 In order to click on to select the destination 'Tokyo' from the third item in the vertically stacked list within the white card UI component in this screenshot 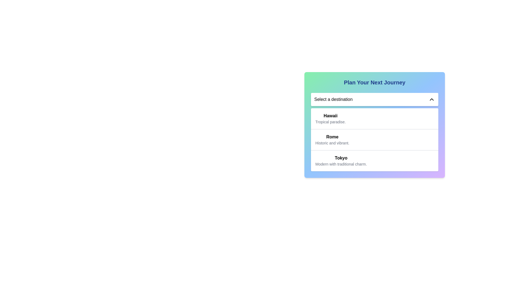, I will do `click(374, 160)`.